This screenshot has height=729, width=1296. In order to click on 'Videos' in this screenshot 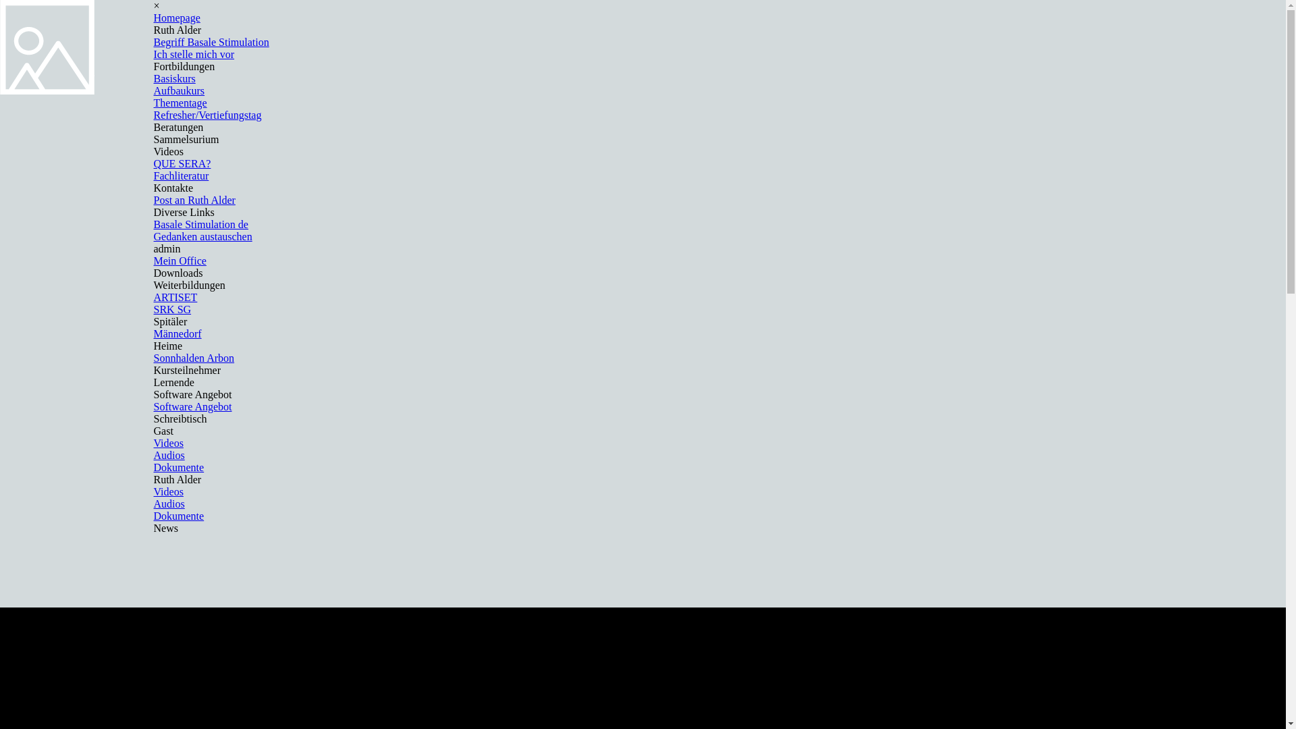, I will do `click(153, 443)`.